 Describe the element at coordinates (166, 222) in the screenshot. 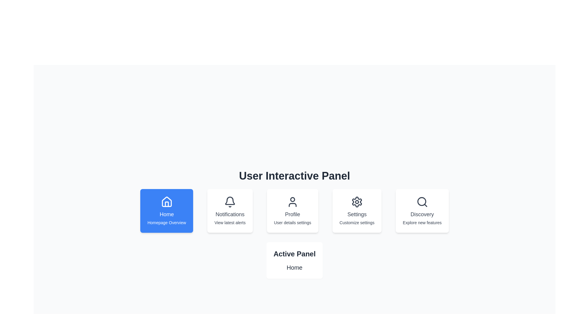

I see `the text label displaying 'Homepage Overview', which is styled in white text on a blue background and positioned beneath the 'Home' label in the button group` at that location.